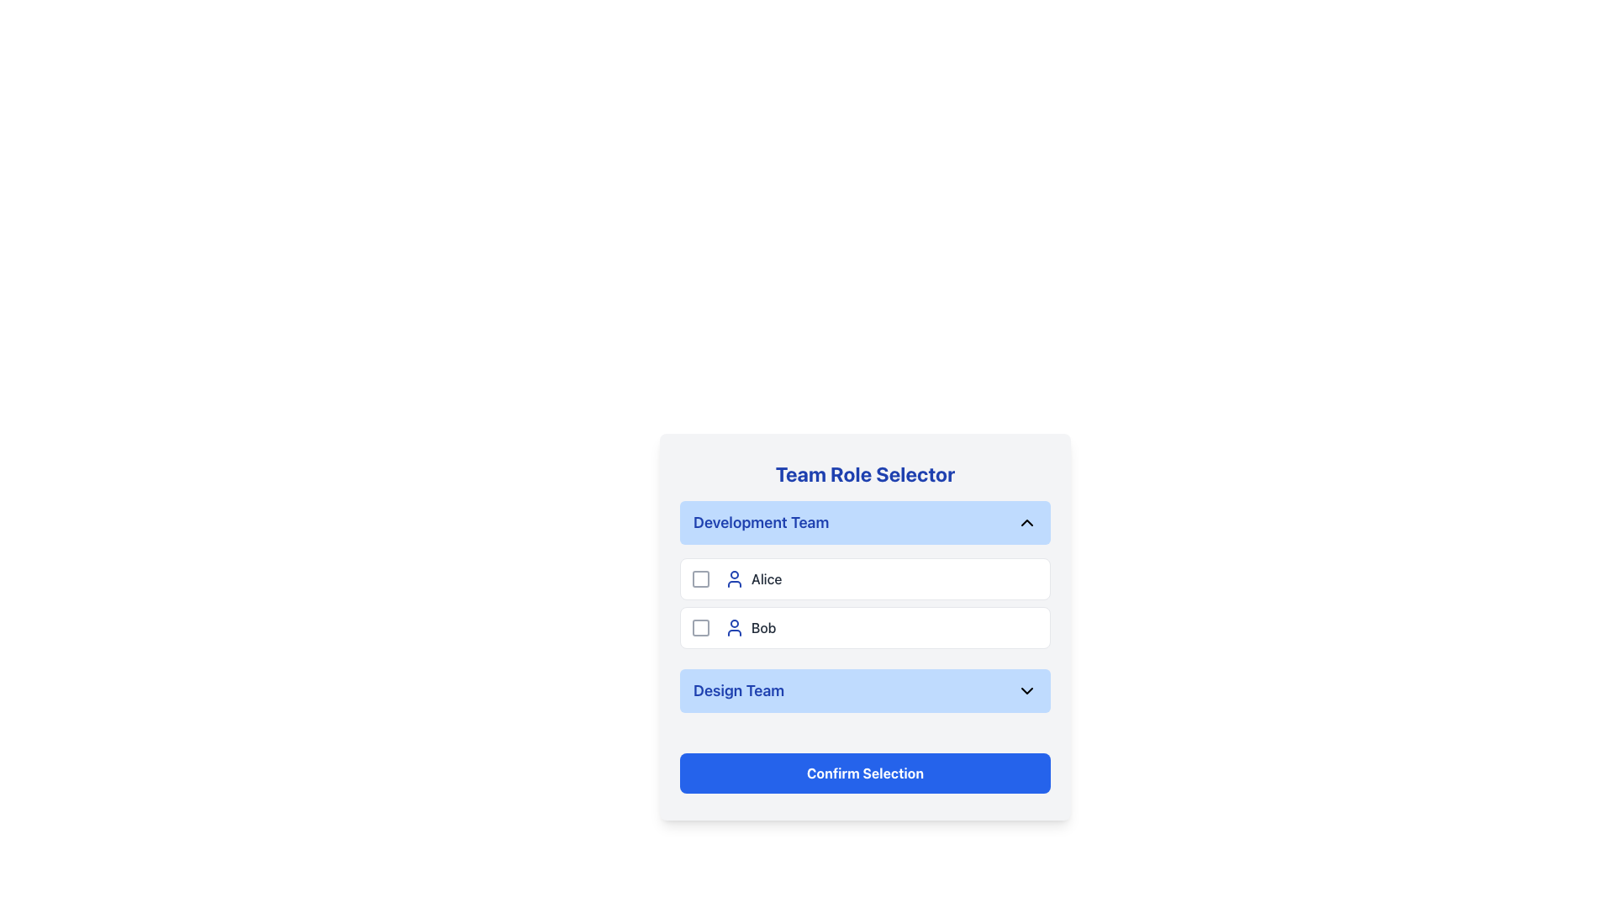 The image size is (1614, 908). Describe the element at coordinates (865, 628) in the screenshot. I see `the second list item with an interactive checkbox in the 'Development Team' section` at that location.